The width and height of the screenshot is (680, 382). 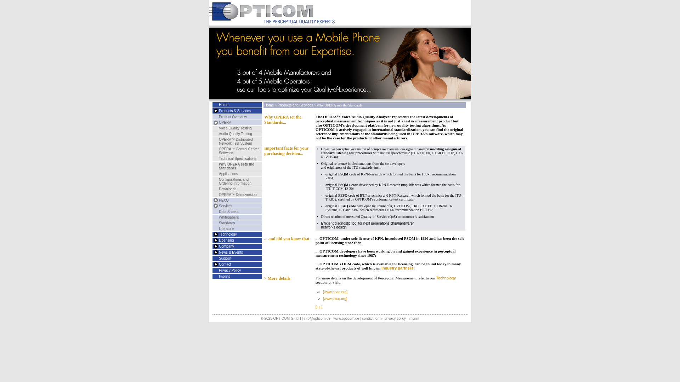 What do you see at coordinates (408, 318) in the screenshot?
I see `'imprint'` at bounding box center [408, 318].